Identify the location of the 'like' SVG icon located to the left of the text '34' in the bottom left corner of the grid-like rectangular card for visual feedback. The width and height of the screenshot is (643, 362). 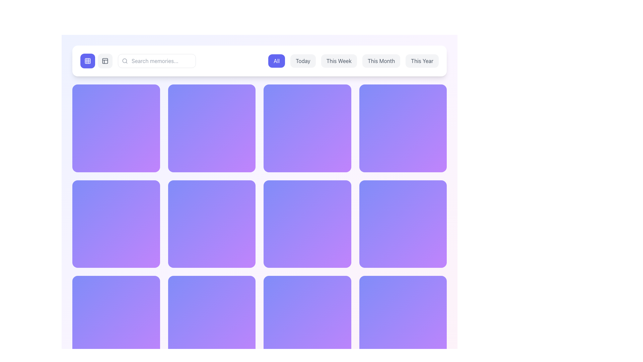
(80, 258).